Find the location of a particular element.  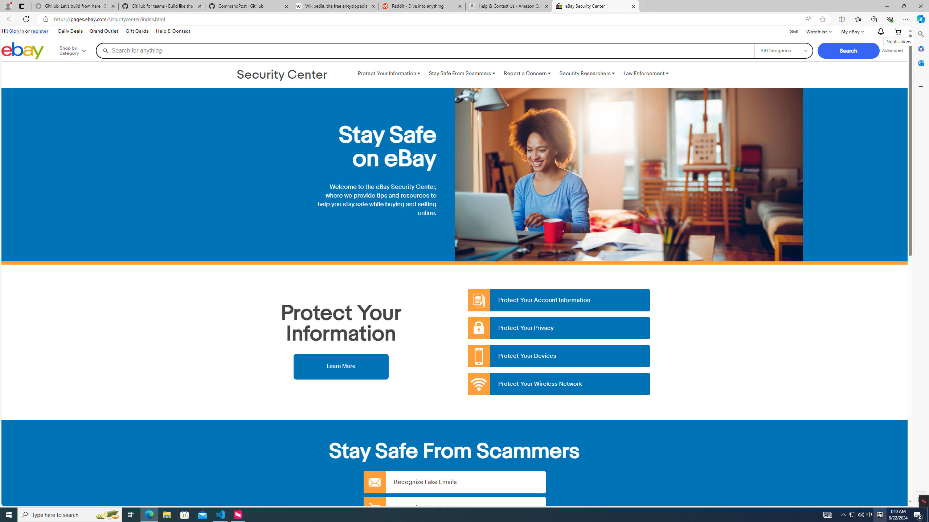

'Select a category for search' is located at coordinates (783, 50).